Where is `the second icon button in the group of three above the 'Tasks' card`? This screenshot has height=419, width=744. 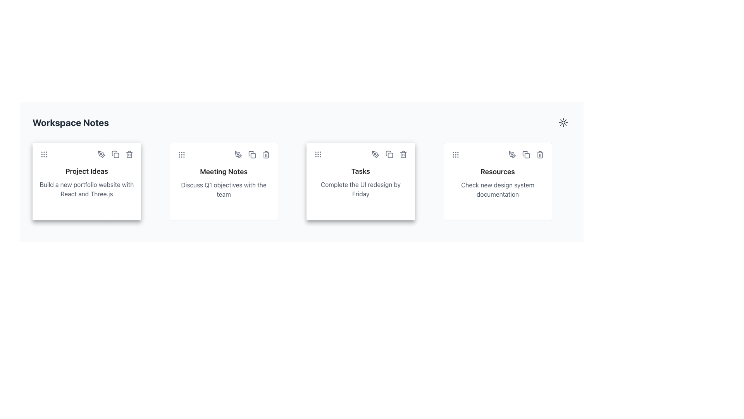
the second icon button in the group of three above the 'Tasks' card is located at coordinates (375, 154).